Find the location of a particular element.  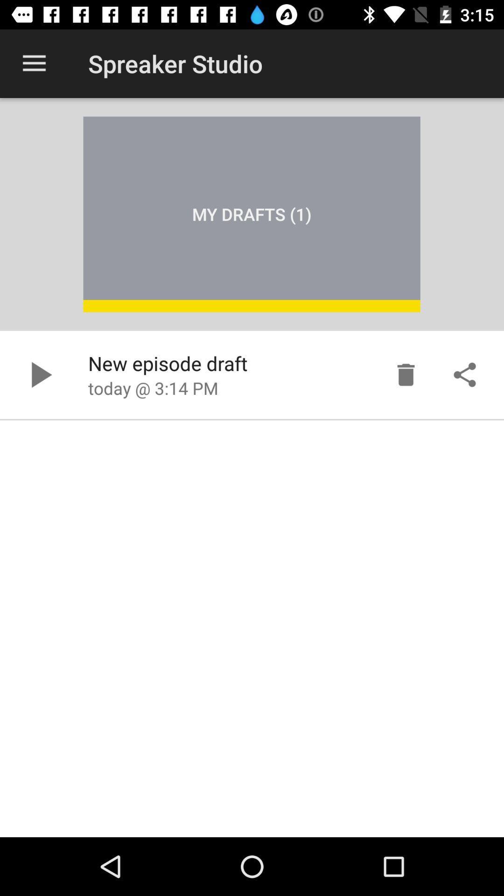

icon next to spreaker studio app is located at coordinates (34, 63).